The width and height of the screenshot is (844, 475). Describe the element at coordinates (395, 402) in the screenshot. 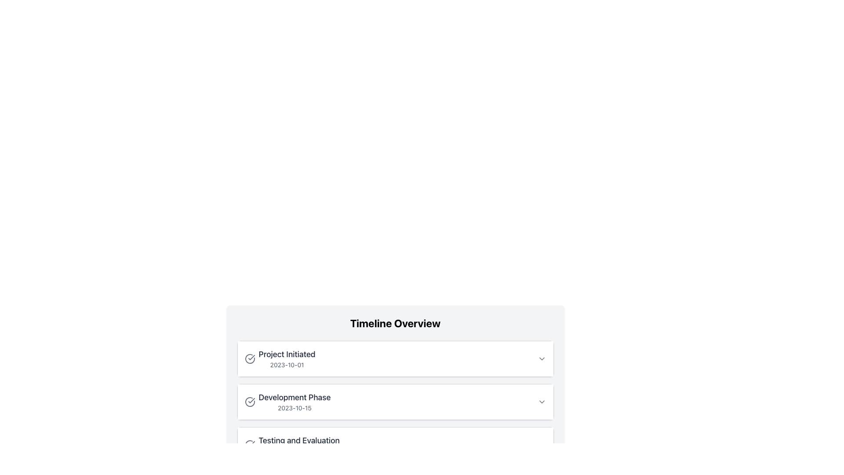

I see `the second item in the timeline view, which represents a milestone in the 'Development Phase'` at that location.